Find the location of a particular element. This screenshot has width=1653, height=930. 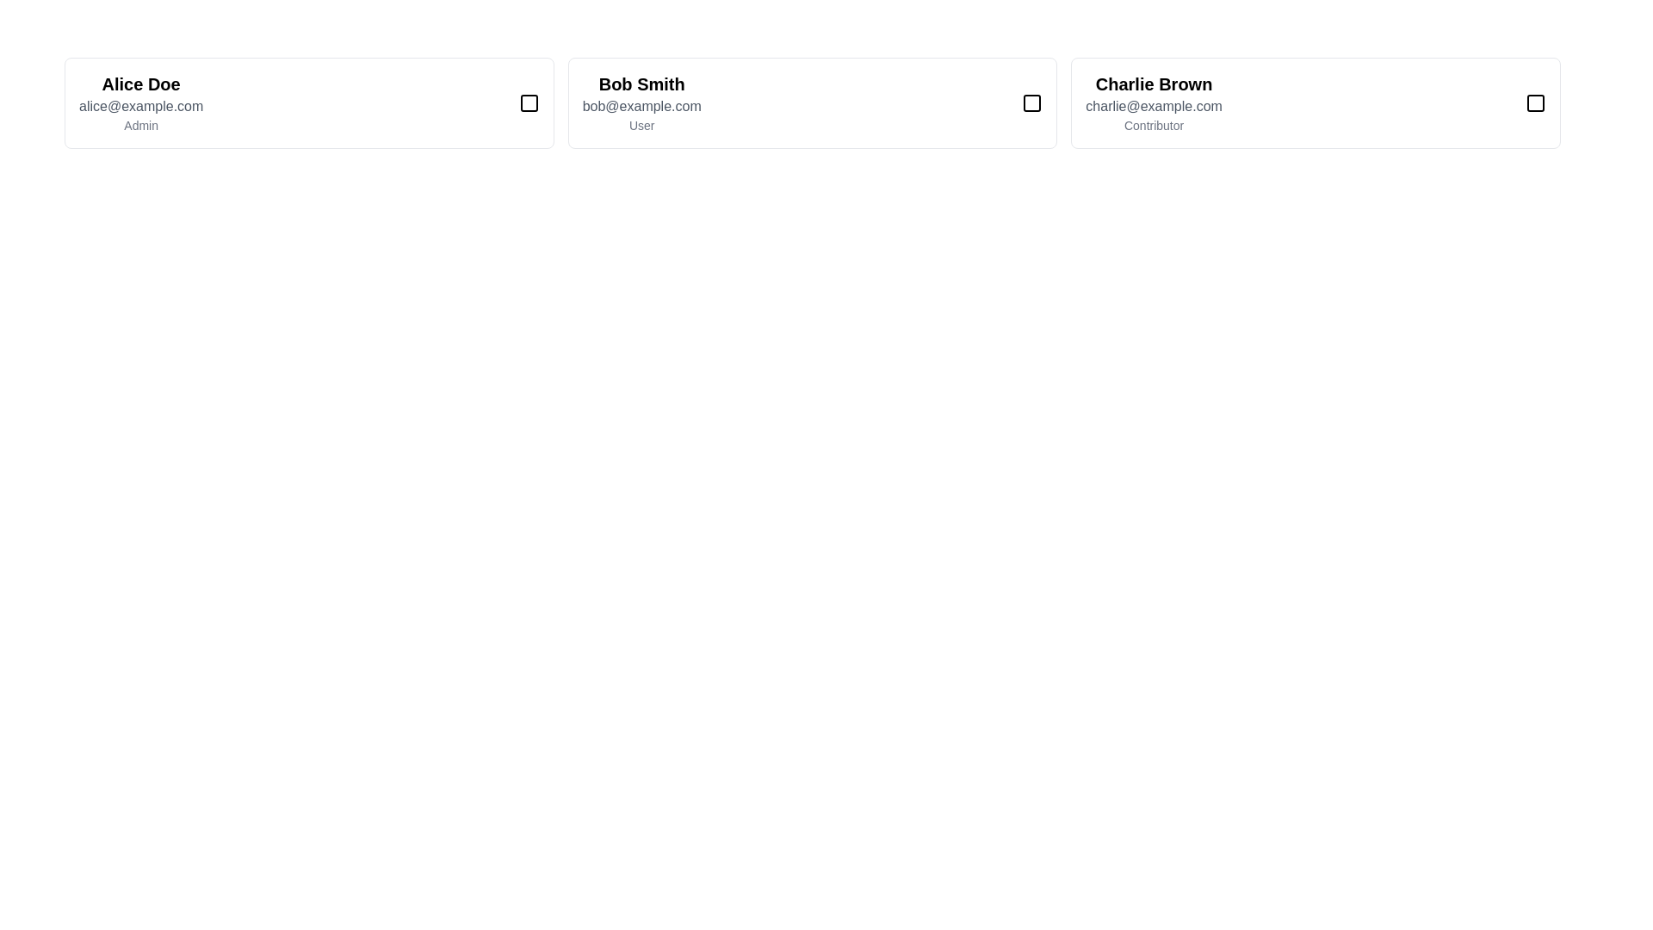

user information displayed in the text block located centrally within the second card, positioned between 'Alice Doe' and 'Charlie Brown' is located at coordinates (641, 102).